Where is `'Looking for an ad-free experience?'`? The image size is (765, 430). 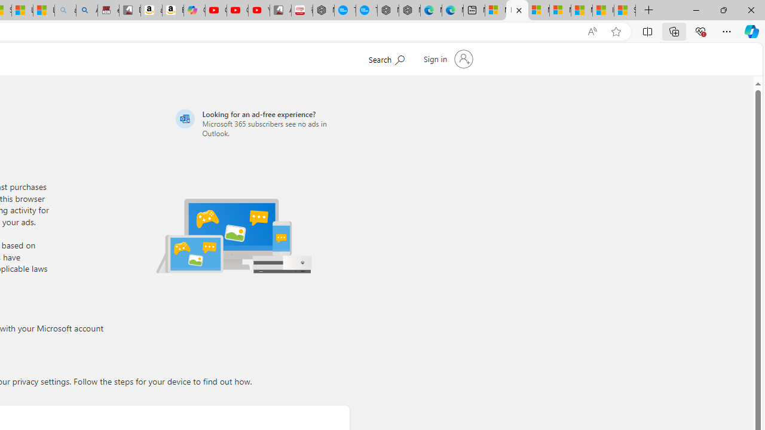
'Looking for an ad-free experience?' is located at coordinates (260, 123).